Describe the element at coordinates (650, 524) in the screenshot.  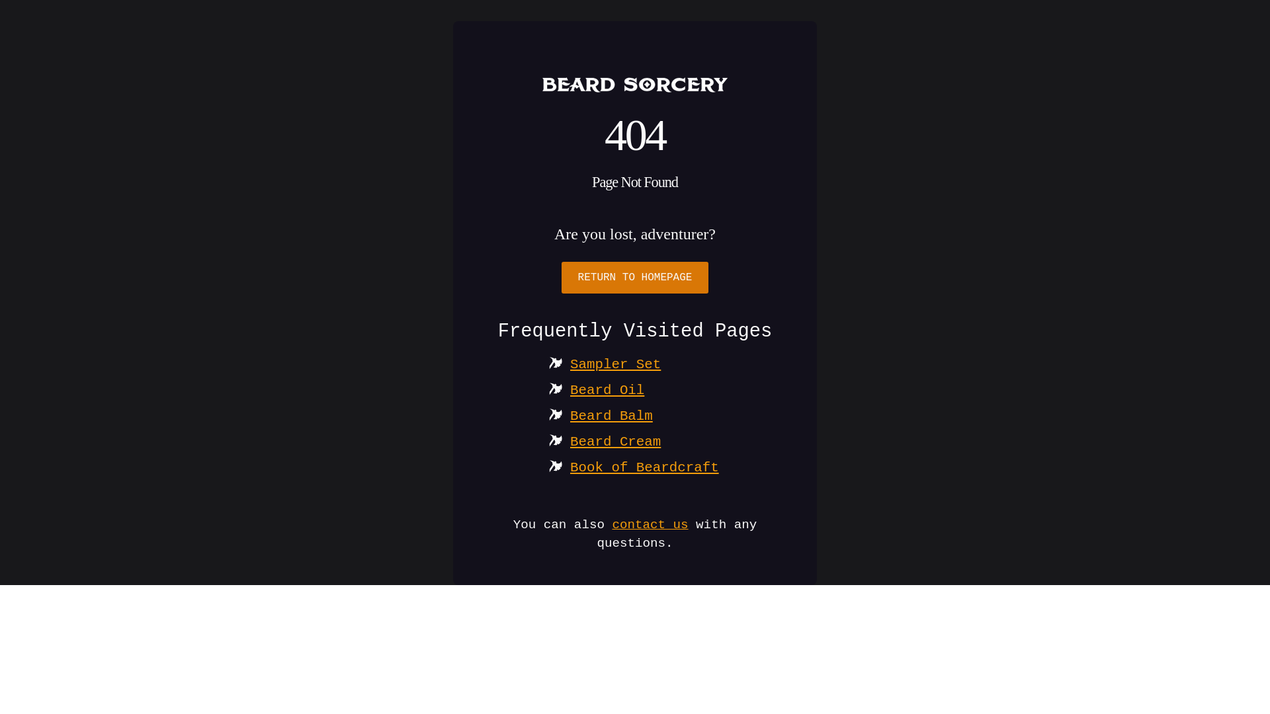
I see `'contact us'` at that location.